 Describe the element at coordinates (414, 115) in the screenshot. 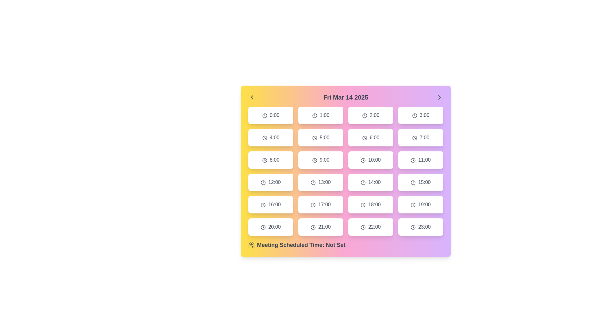

I see `the small circular clock icon located to the left of the '3:00' text in the third row and third column of the grid layout` at that location.